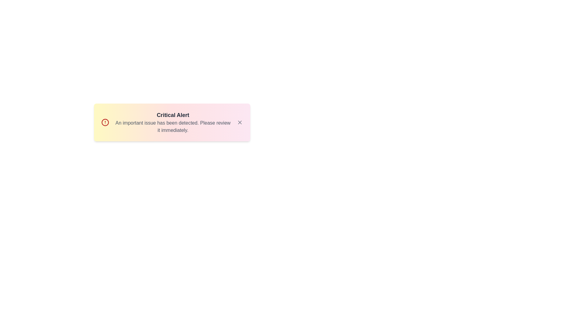 Image resolution: width=586 pixels, height=329 pixels. I want to click on important message conveyed by the text located in the notification box under the bold-text heading 'Critical Alert', so click(172, 126).